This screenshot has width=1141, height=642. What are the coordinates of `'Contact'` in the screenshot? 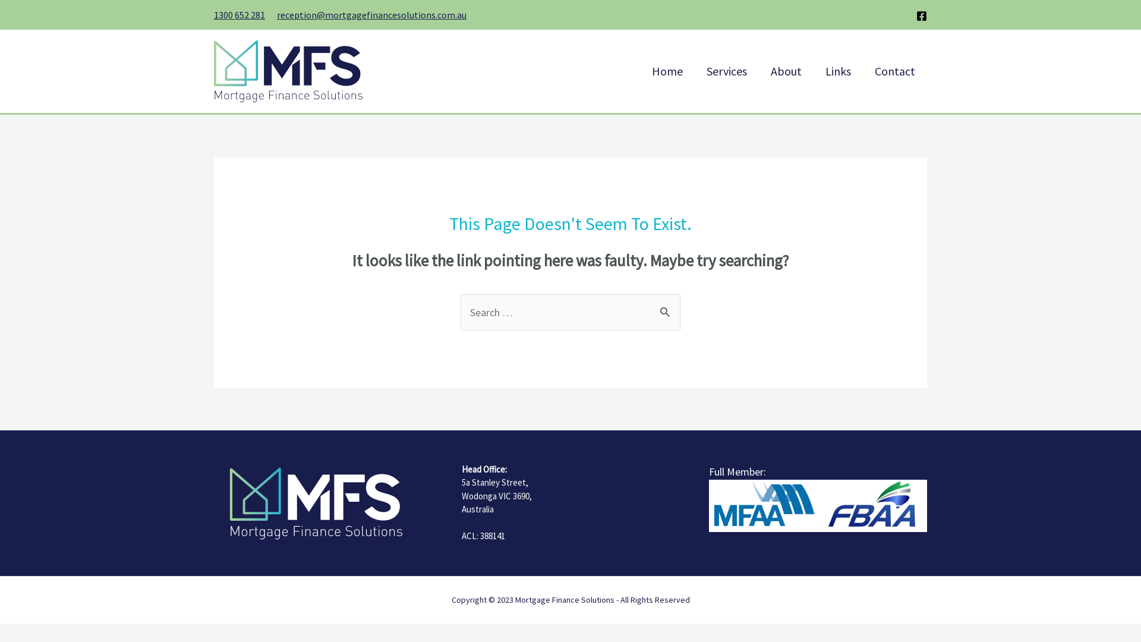 It's located at (895, 71).